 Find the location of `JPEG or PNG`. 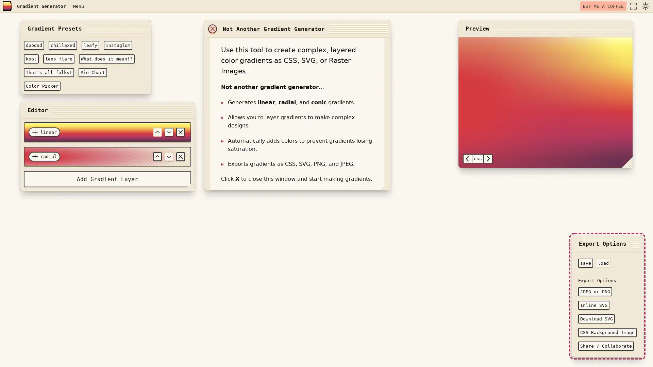

JPEG or PNG is located at coordinates (594, 291).